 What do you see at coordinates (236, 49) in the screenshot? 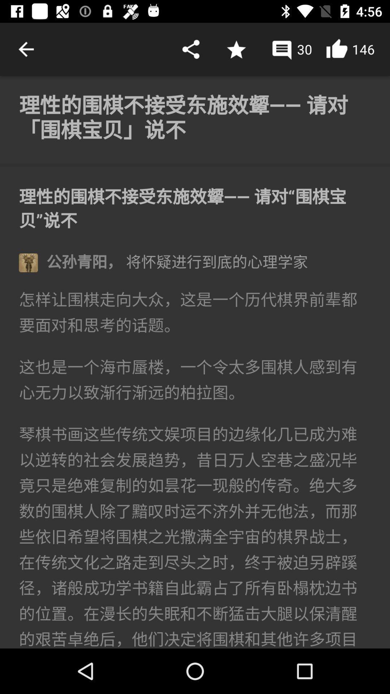
I see `choose favourite symbol` at bounding box center [236, 49].